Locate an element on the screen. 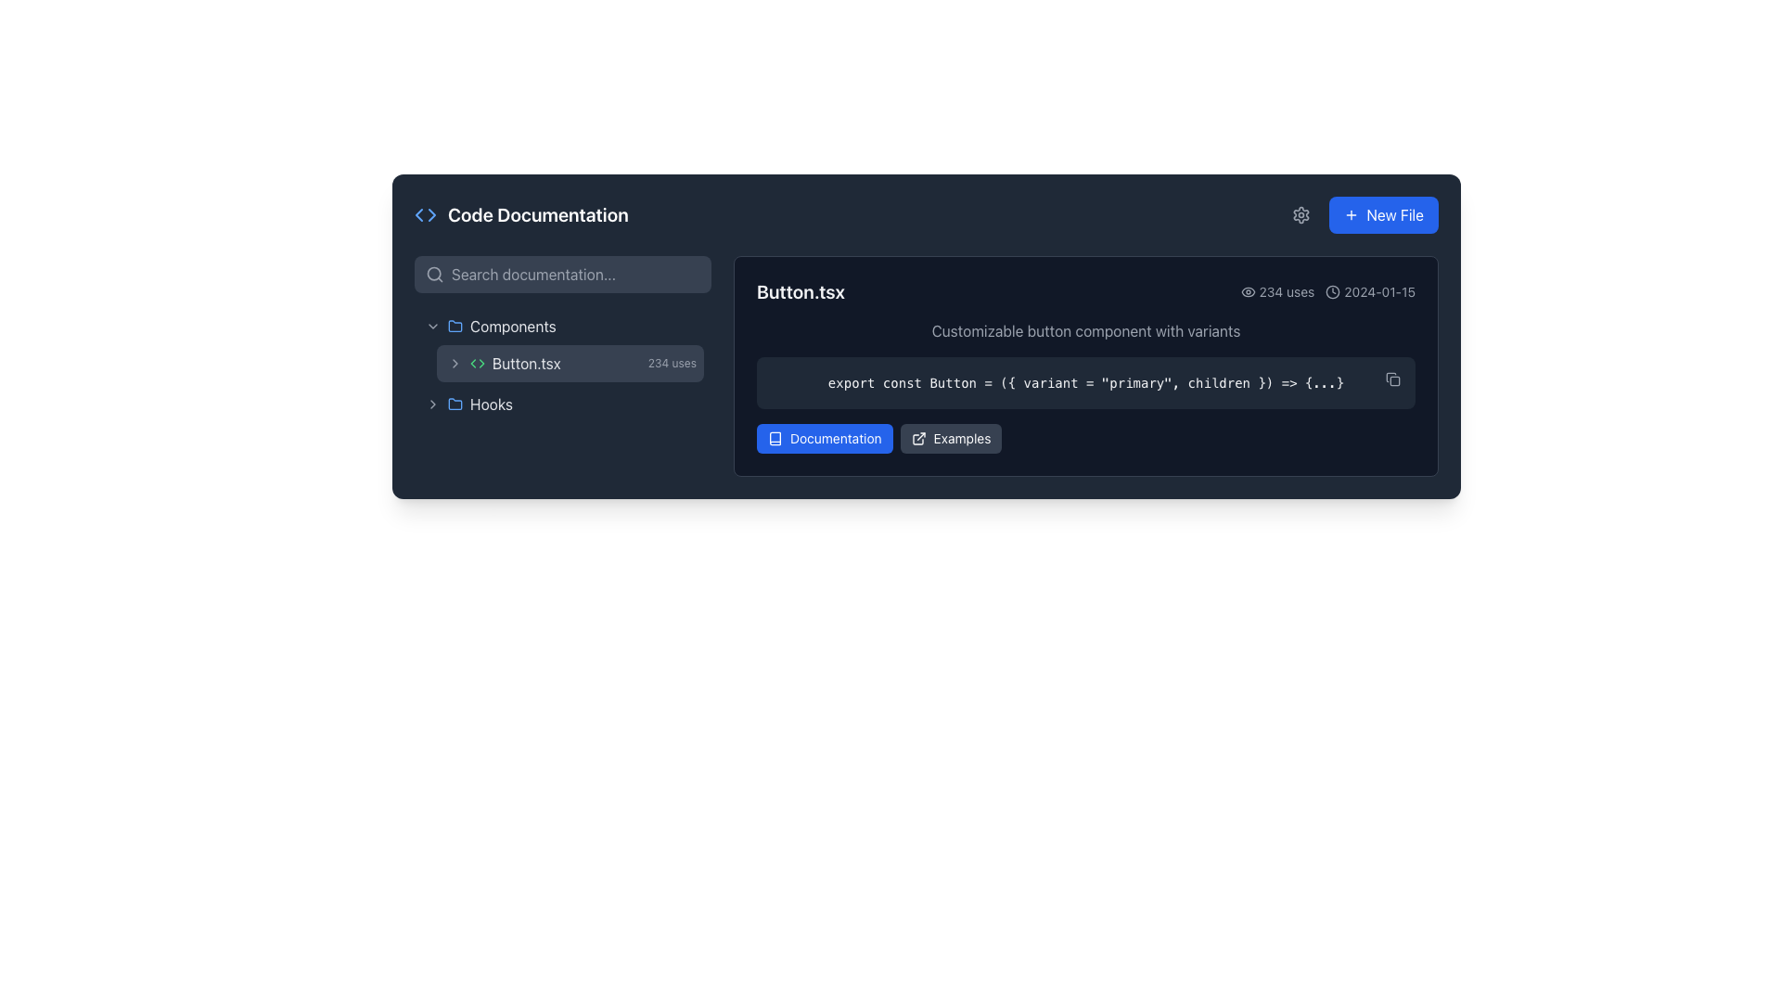 The image size is (1781, 1002). the Information bar at the top of the card displaying metadata such as file name, usage statistics, and timestamp is located at coordinates (1086, 292).